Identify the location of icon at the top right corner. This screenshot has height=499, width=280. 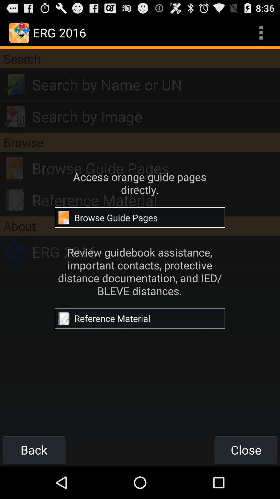
(261, 32).